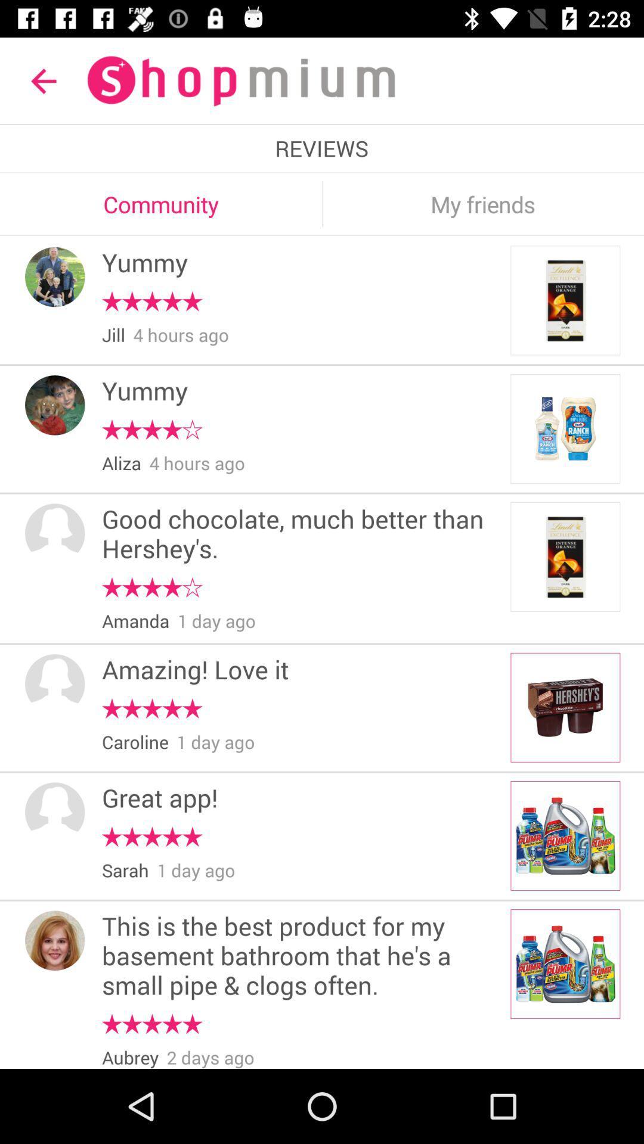 The width and height of the screenshot is (644, 1144). Describe the element at coordinates (565, 557) in the screenshot. I see `the image in the third block` at that location.